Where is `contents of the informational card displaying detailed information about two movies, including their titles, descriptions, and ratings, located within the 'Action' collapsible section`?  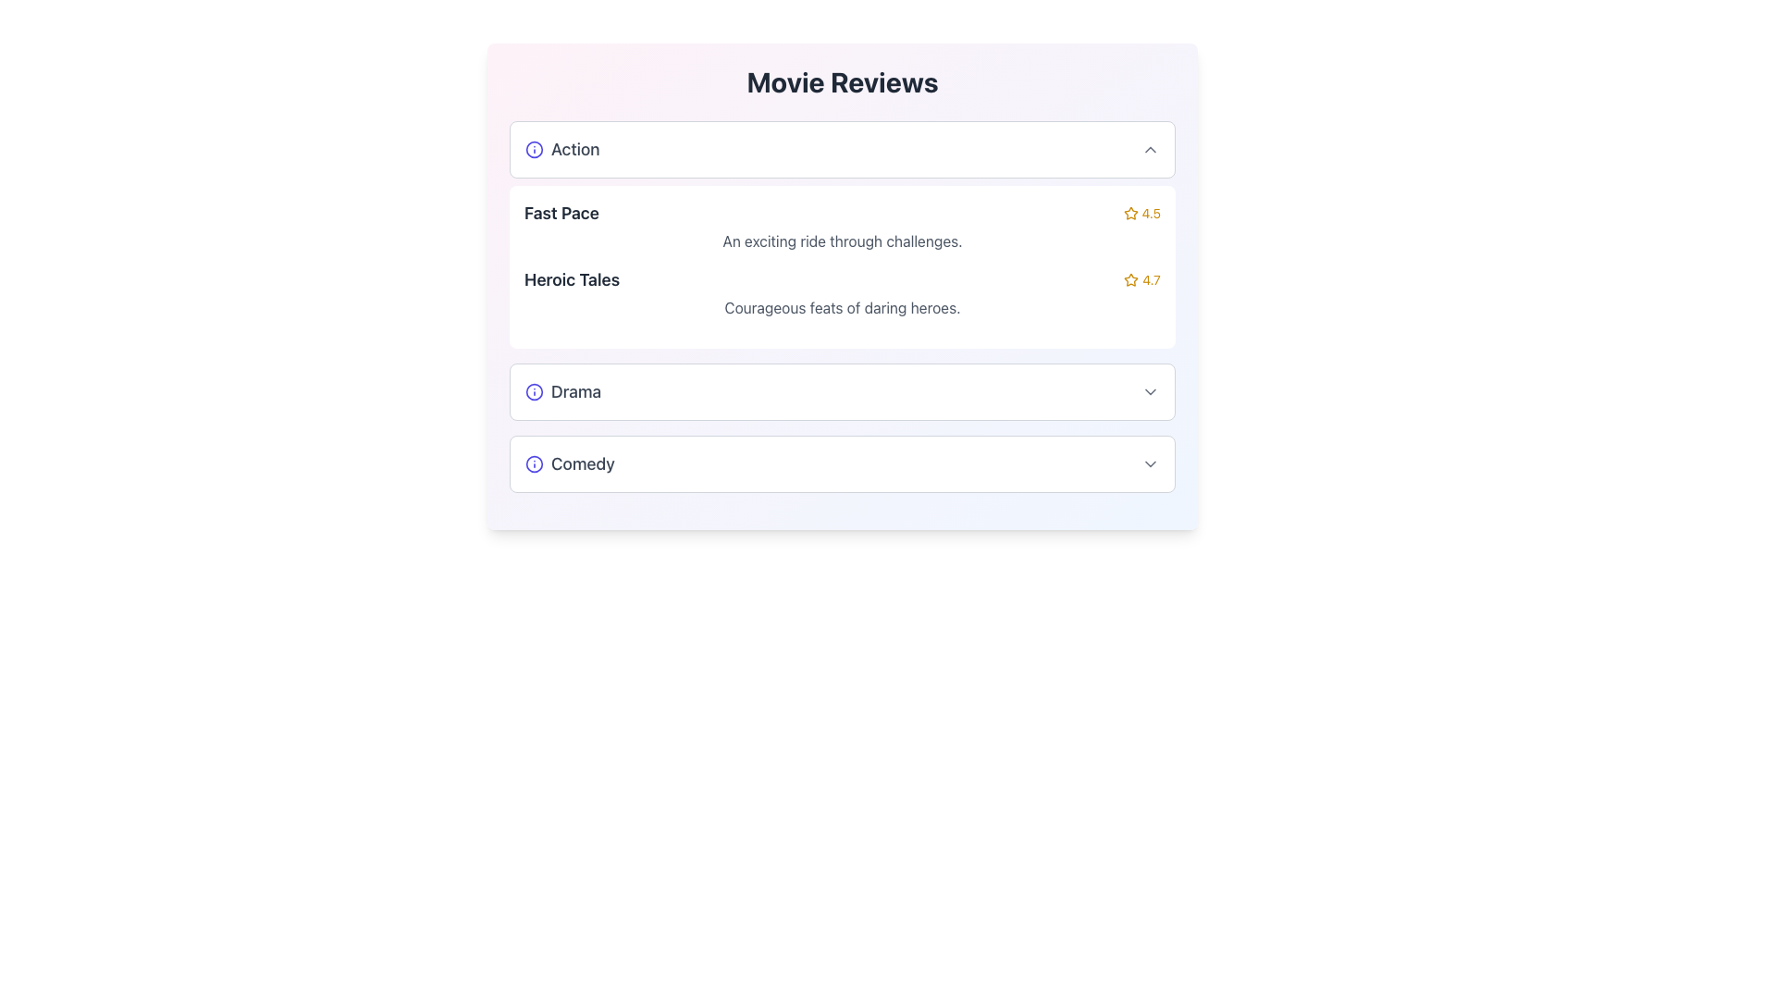 contents of the informational card displaying detailed information about two movies, including their titles, descriptions, and ratings, located within the 'Action' collapsible section is located at coordinates (842, 267).